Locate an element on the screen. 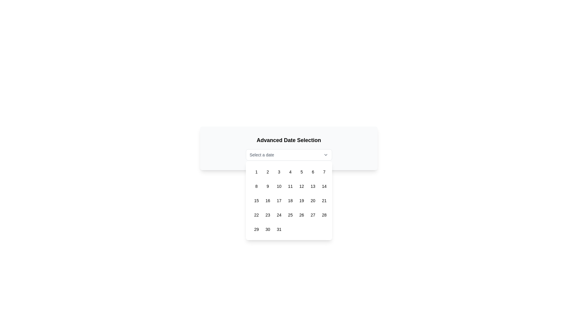 Image resolution: width=575 pixels, height=323 pixels. the downward-pointing chevron icon located at the top-right corner of the 'Select a date' text box to receive visual feedback is located at coordinates (325, 154).